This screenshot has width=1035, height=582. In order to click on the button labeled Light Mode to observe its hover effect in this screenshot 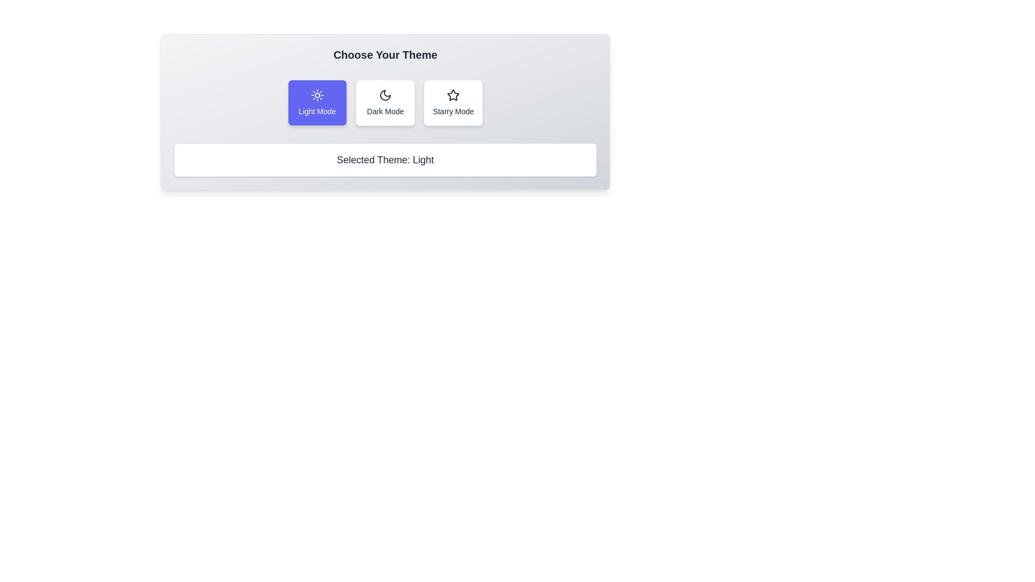, I will do `click(316, 103)`.